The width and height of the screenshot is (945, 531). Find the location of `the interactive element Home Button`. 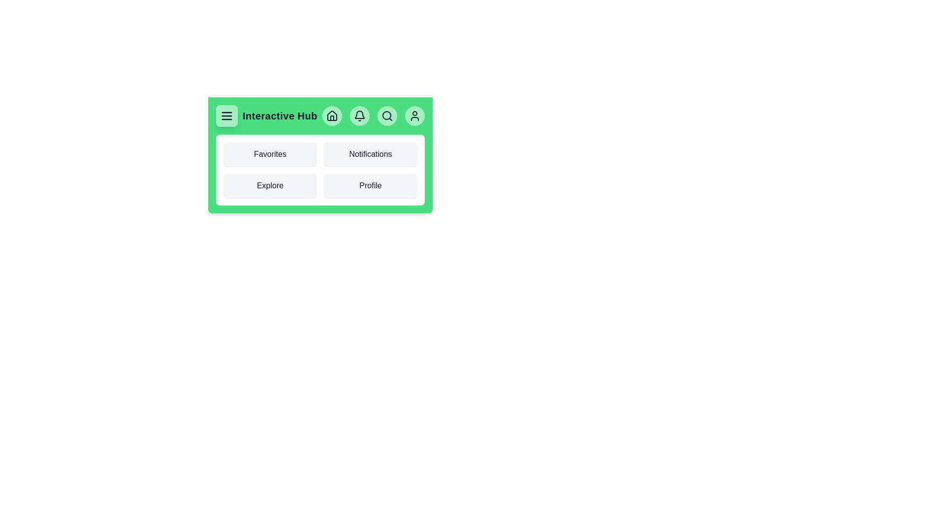

the interactive element Home Button is located at coordinates (331, 115).